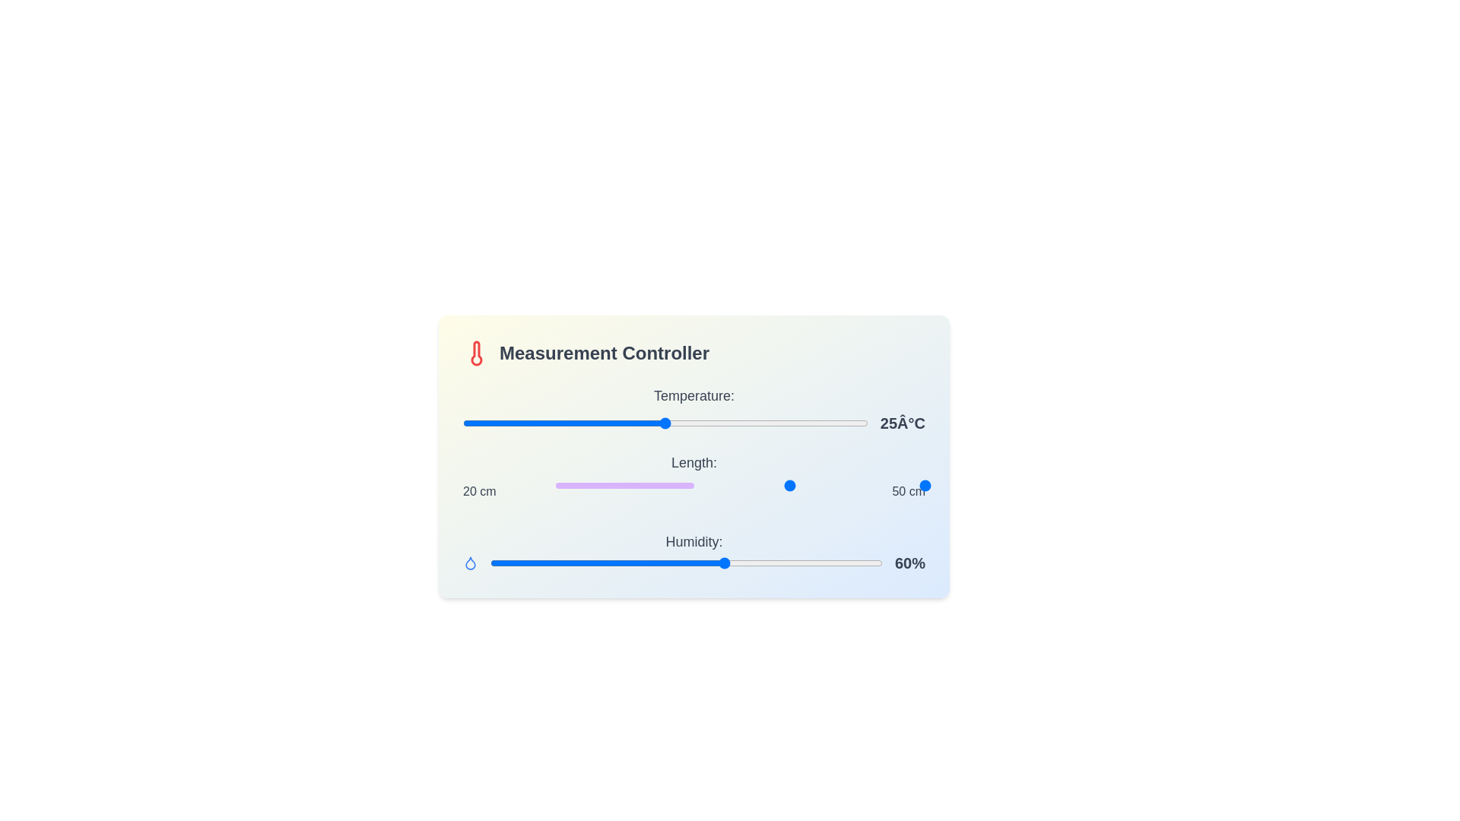 The image size is (1460, 821). What do you see at coordinates (761, 563) in the screenshot?
I see `the humidity level` at bounding box center [761, 563].